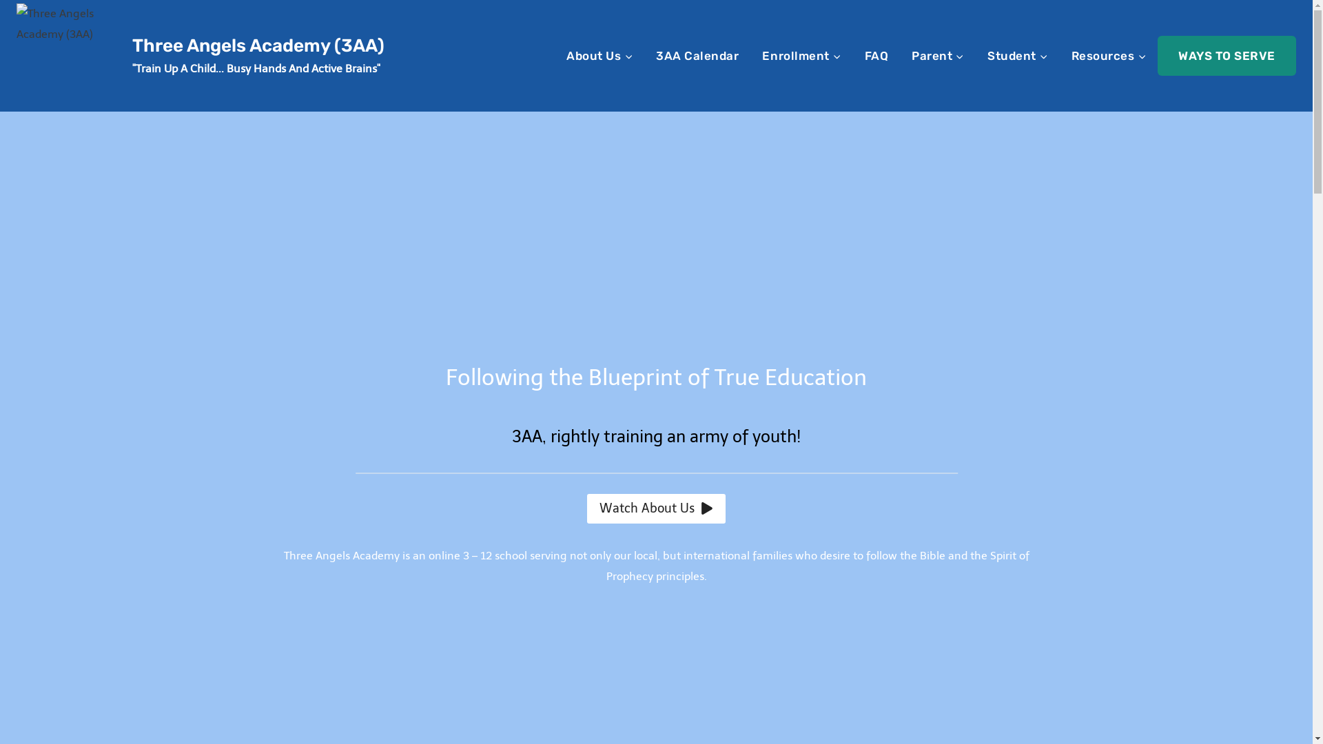 Image resolution: width=1323 pixels, height=744 pixels. What do you see at coordinates (1227, 54) in the screenshot?
I see `'WAYS TO SERVE'` at bounding box center [1227, 54].